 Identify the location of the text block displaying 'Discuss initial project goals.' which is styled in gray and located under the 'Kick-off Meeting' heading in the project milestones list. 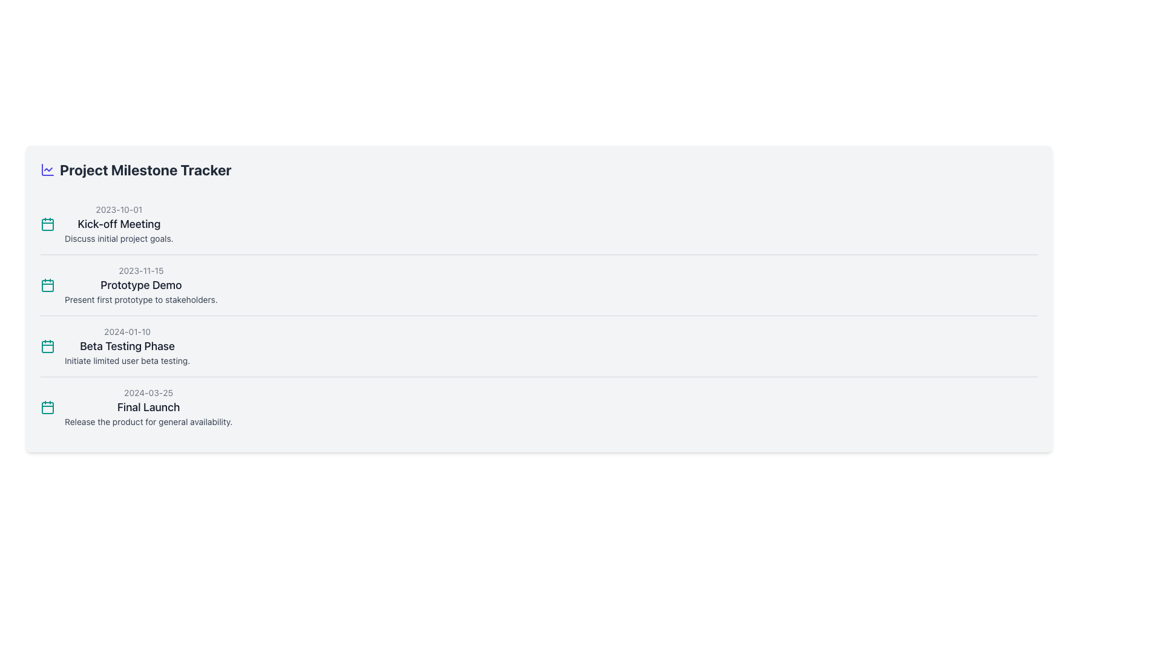
(119, 238).